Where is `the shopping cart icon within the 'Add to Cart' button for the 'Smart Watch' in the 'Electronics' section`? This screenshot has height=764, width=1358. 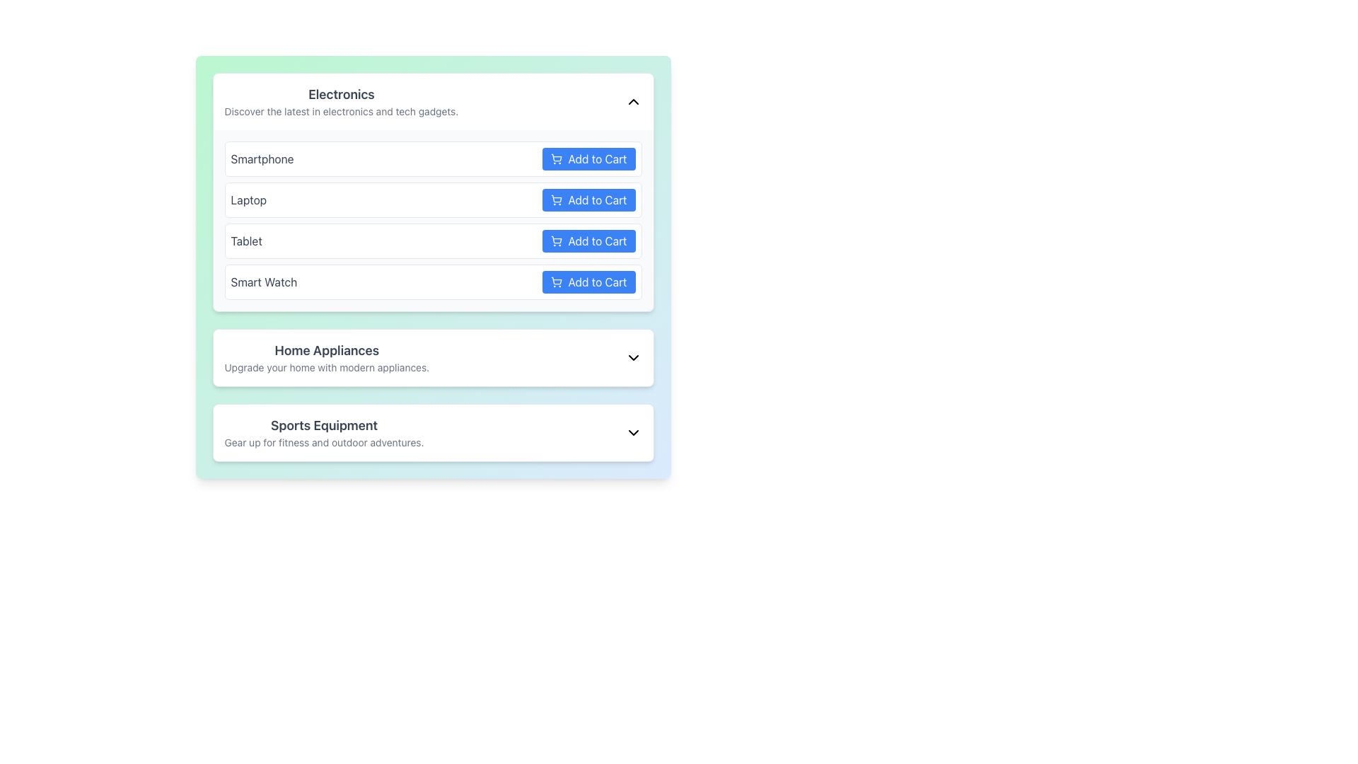
the shopping cart icon within the 'Add to Cart' button for the 'Smart Watch' in the 'Electronics' section is located at coordinates (556, 282).